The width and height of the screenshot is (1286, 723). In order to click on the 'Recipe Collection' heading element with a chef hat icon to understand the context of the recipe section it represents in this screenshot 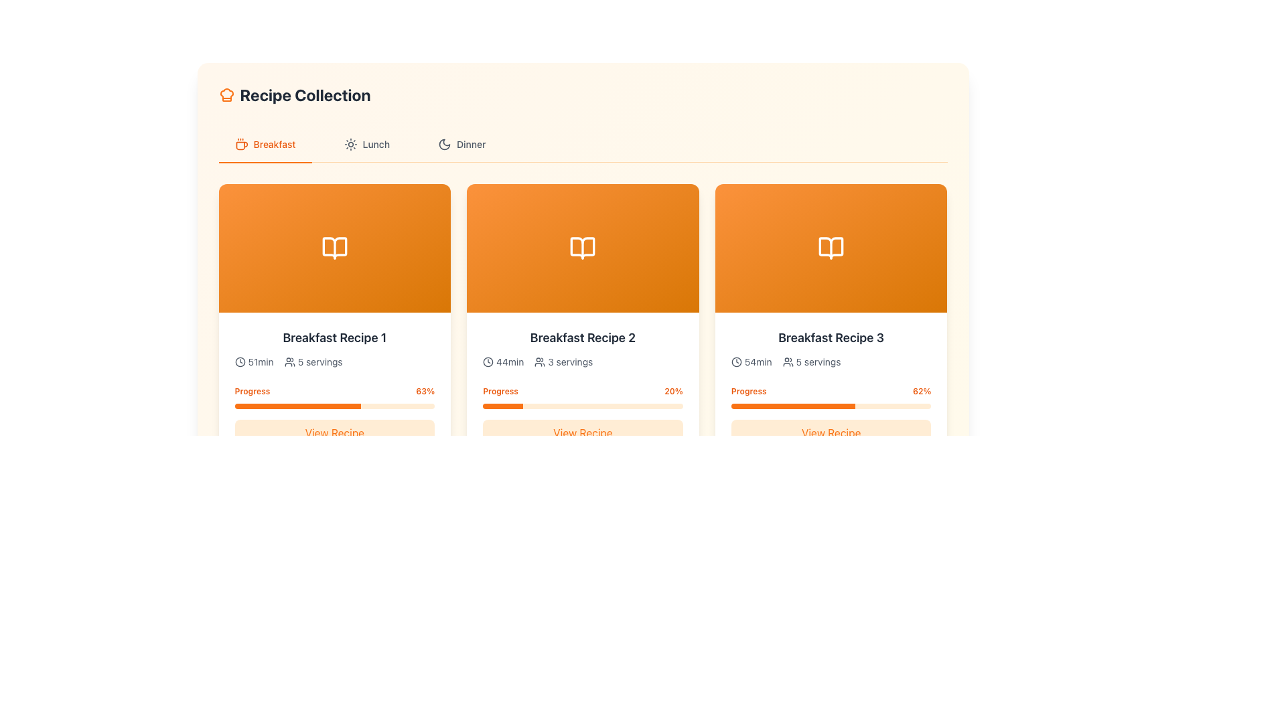, I will do `click(294, 94)`.